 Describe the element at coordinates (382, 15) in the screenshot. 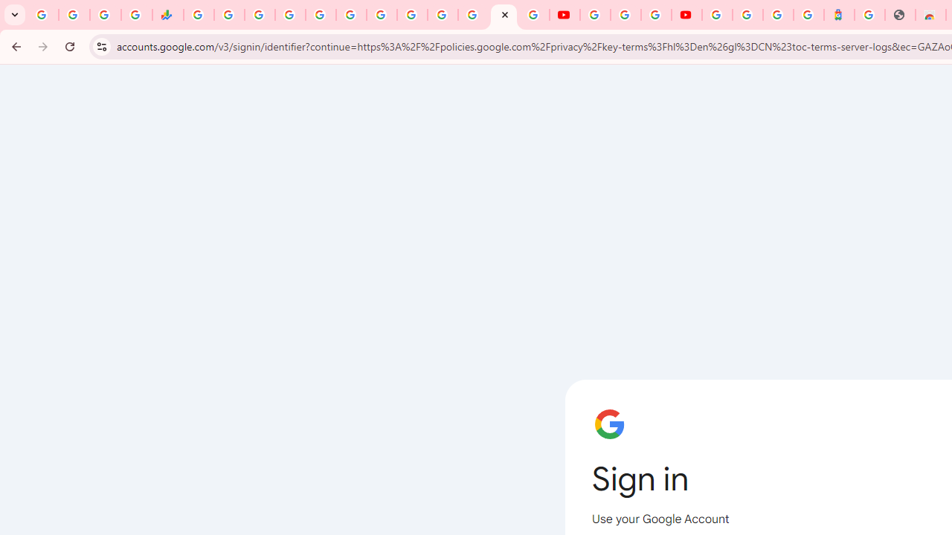

I see `'Android TV Policies and Guidelines - Transparency Center'` at that location.